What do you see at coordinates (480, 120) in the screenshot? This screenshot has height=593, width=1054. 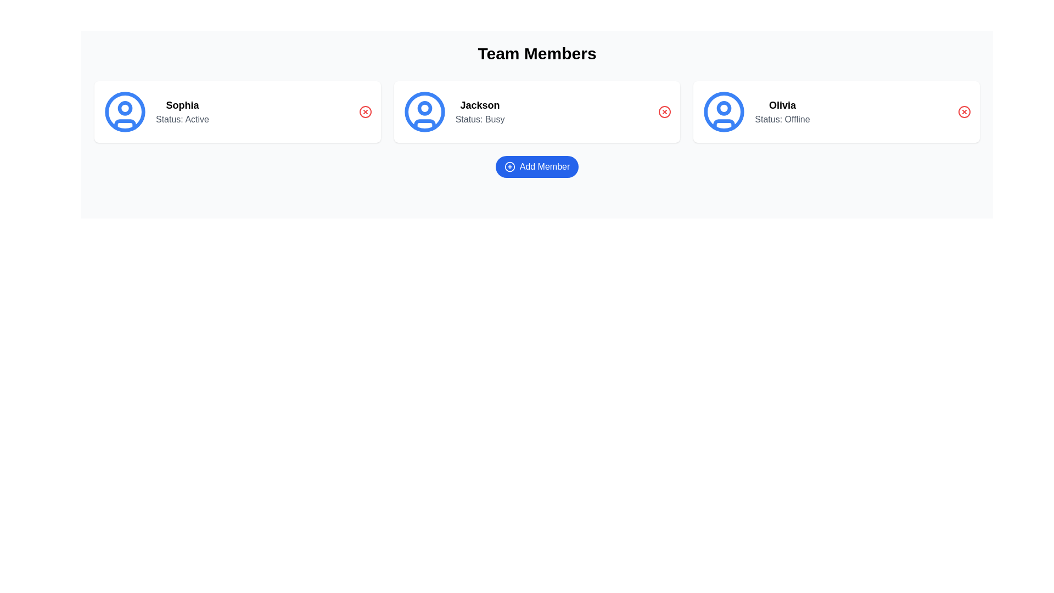 I see `the static text displaying the availability status of Jackson, located in the central card of the 'Team Members' section, below the name 'Jackson' and above the bottom margin of the card` at bounding box center [480, 120].